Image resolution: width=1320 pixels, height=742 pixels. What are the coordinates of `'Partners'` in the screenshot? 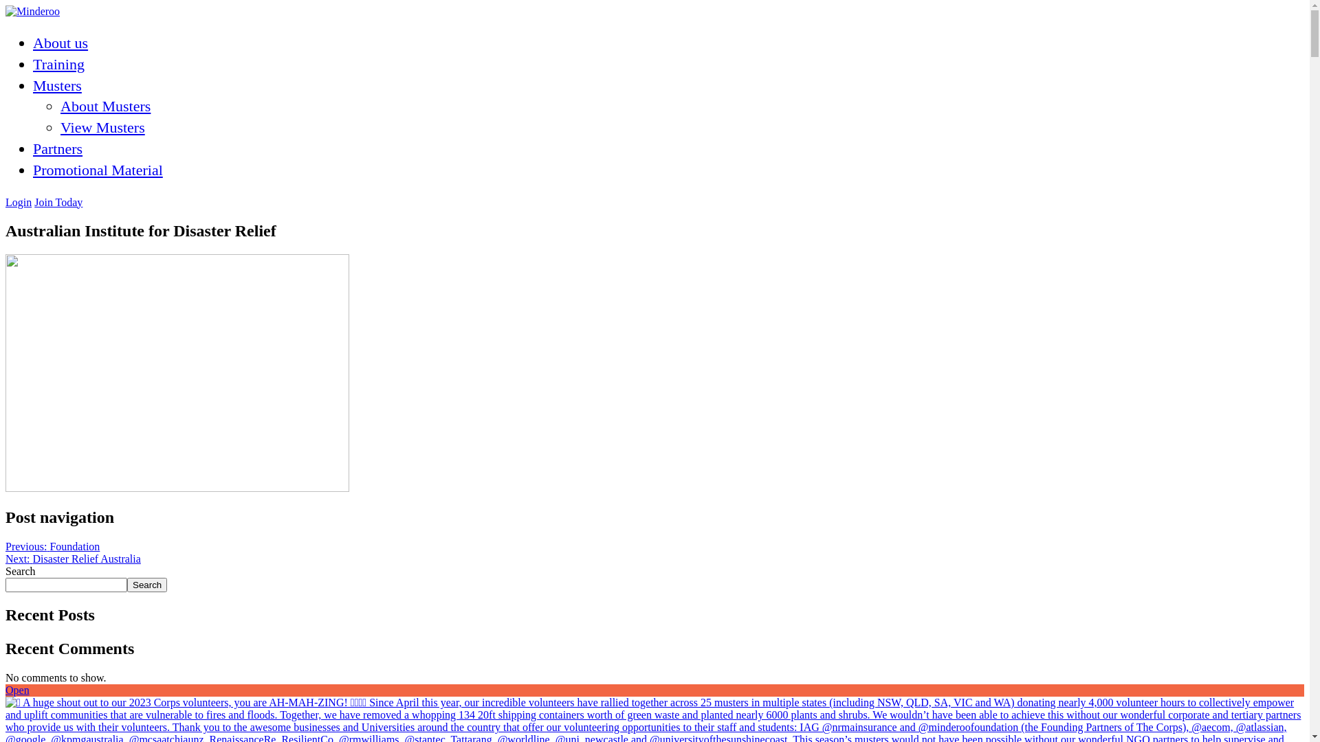 It's located at (33, 148).